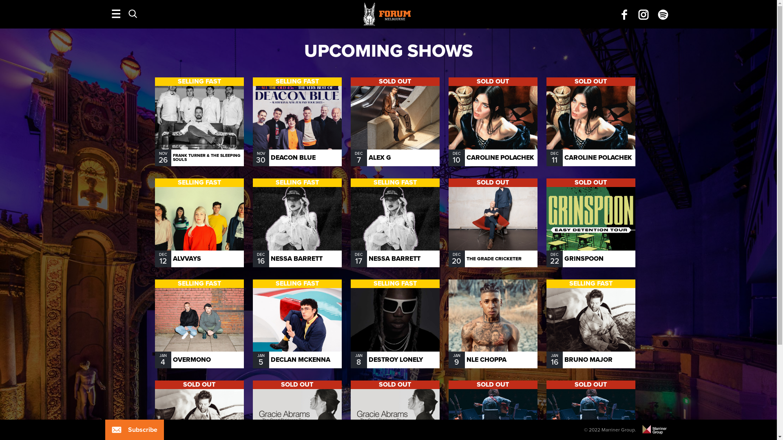  Describe the element at coordinates (199, 323) in the screenshot. I see `'SELLING FAST` at that location.